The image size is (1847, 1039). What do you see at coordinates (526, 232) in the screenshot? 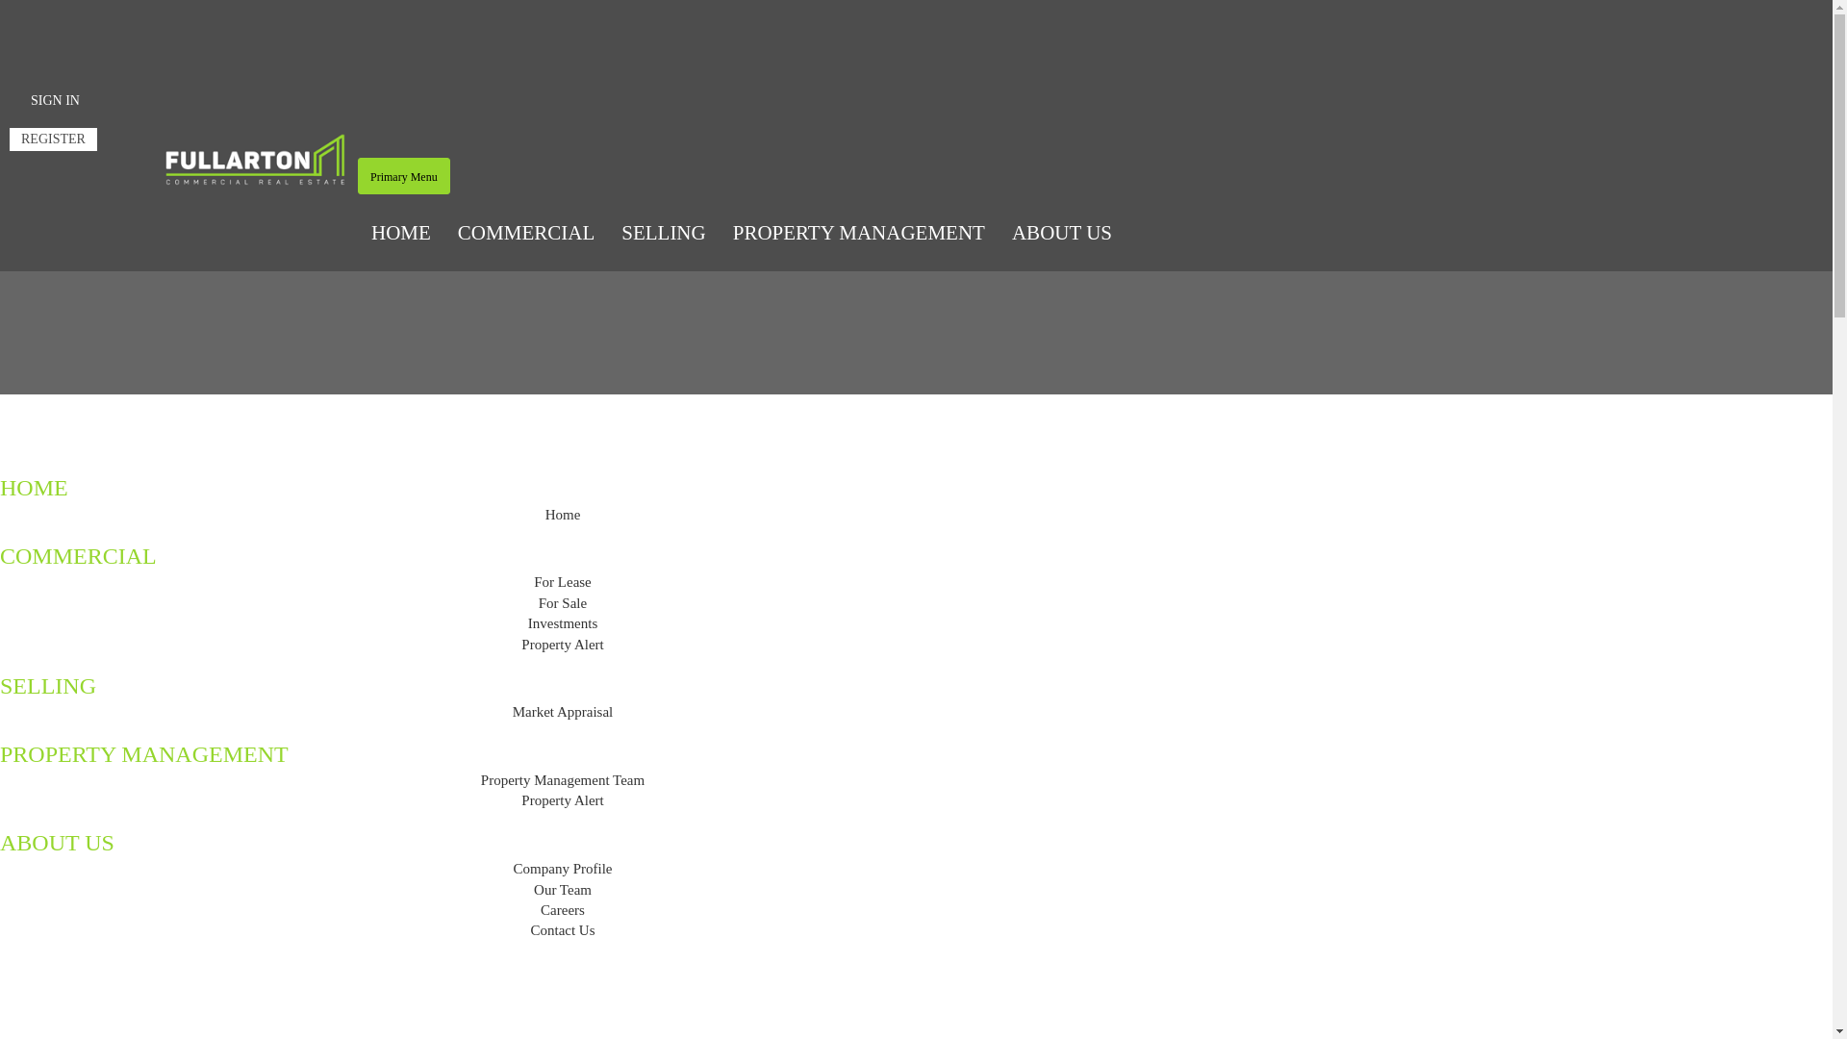
I see `'COMMERCIAL'` at bounding box center [526, 232].